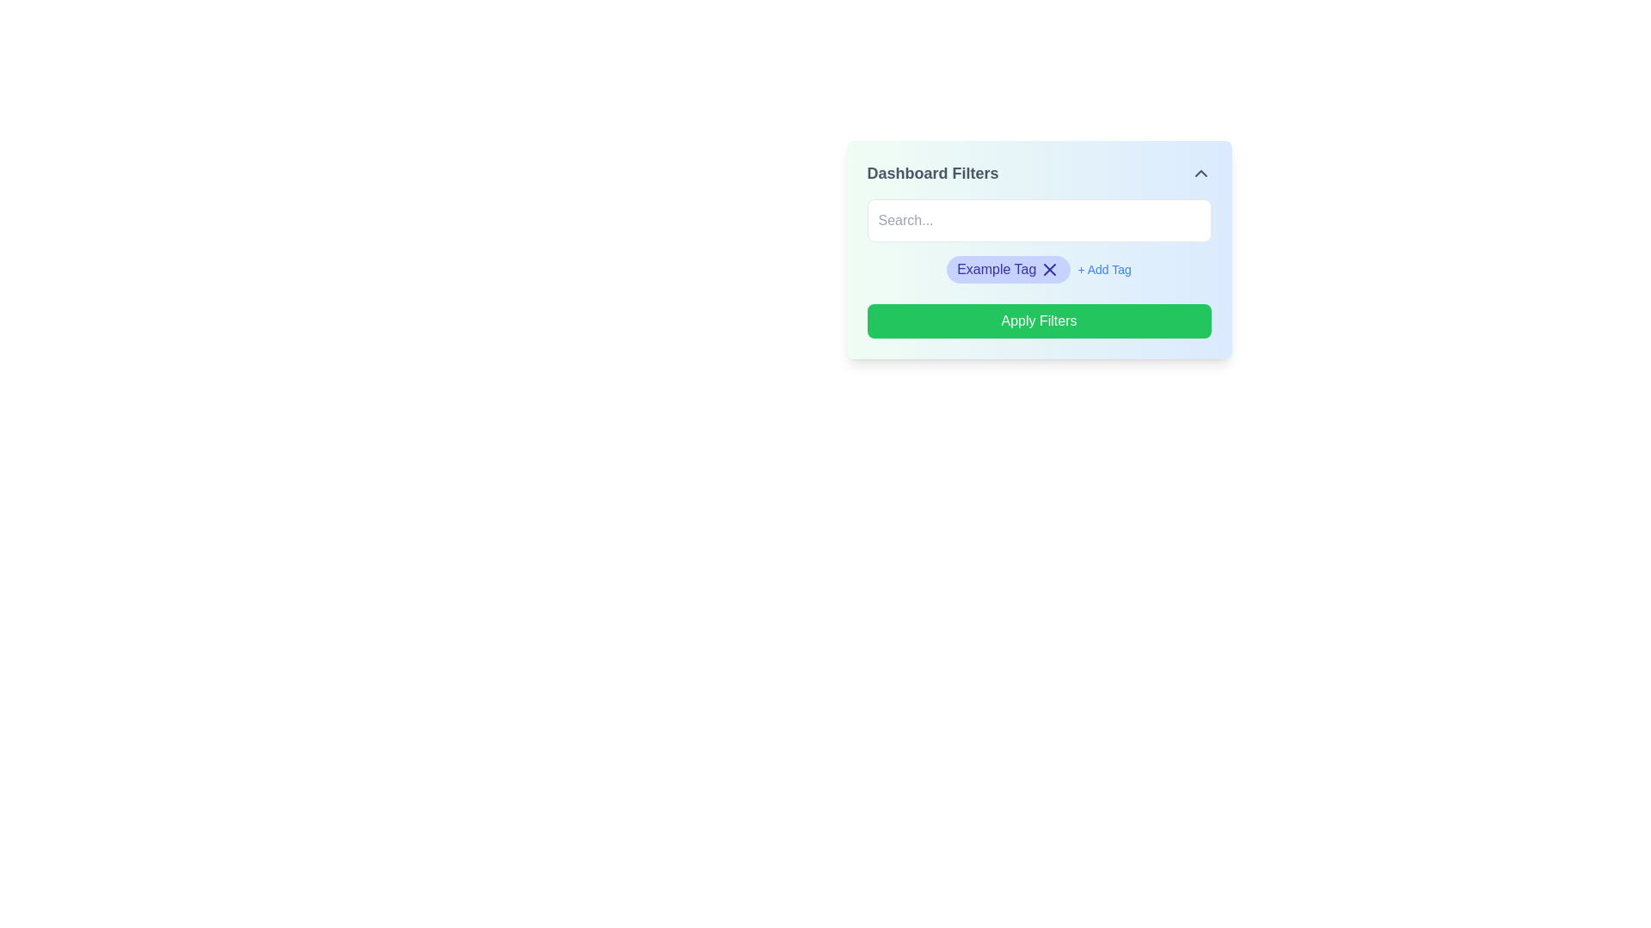  I want to click on the Chevron Up icon located in the top-right corner of the Dashboard Filters header section, so click(1200, 173).